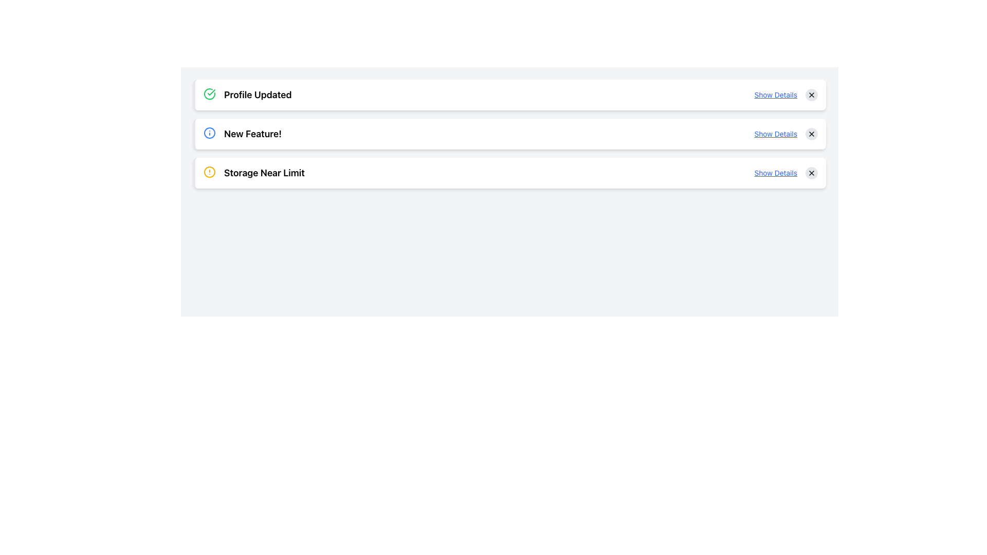  I want to click on the hyperlink located at the bottom-right corner of the 'Storage Near Limit' notification panel, so click(785, 172).